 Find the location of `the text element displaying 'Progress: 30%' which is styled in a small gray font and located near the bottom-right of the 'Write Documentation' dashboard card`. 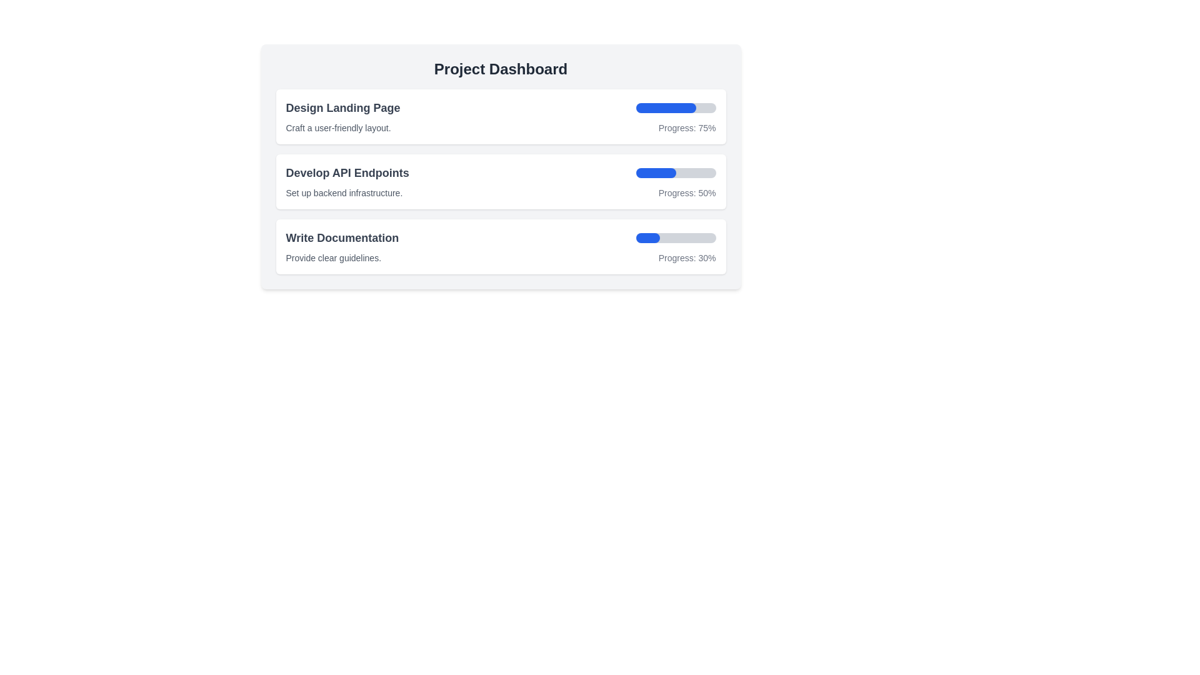

the text element displaying 'Progress: 30%' which is styled in a small gray font and located near the bottom-right of the 'Write Documentation' dashboard card is located at coordinates (686, 257).